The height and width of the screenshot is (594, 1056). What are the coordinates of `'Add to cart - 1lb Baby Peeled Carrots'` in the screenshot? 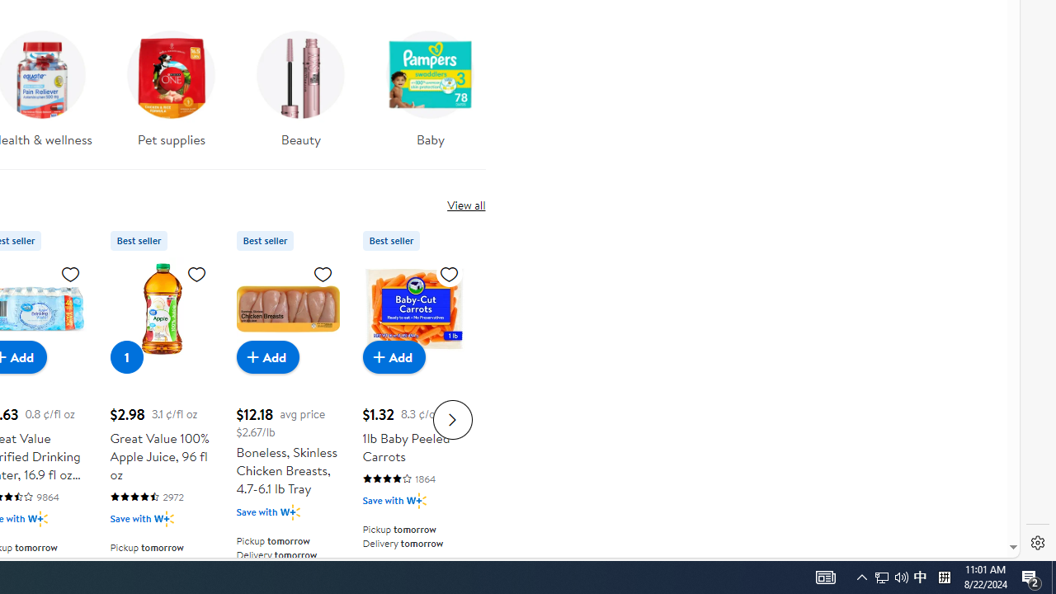 It's located at (394, 356).